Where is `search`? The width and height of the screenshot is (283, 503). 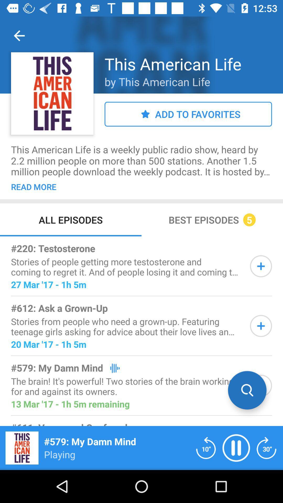 search is located at coordinates (247, 390).